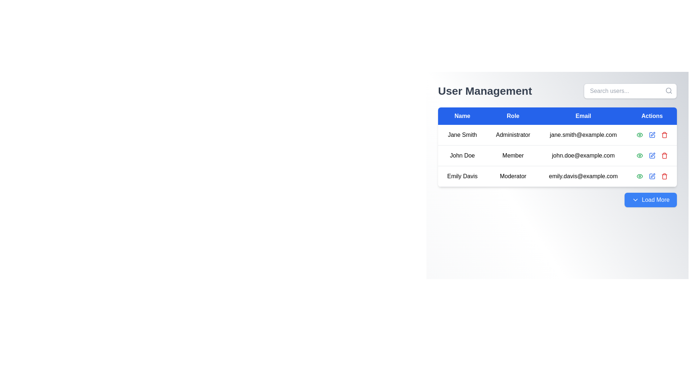  I want to click on the Icon button in the 'Actions' column for 'Jane Smith', so click(639, 176).